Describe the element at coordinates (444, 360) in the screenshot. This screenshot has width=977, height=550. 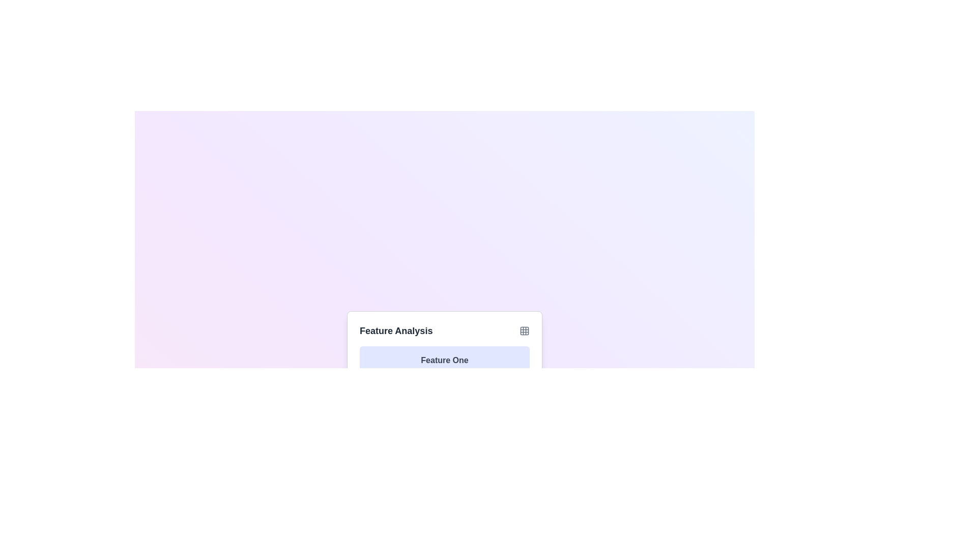
I see `the 'Feature One' button located at the center of the card in the 'Feature Analysis' section` at that location.